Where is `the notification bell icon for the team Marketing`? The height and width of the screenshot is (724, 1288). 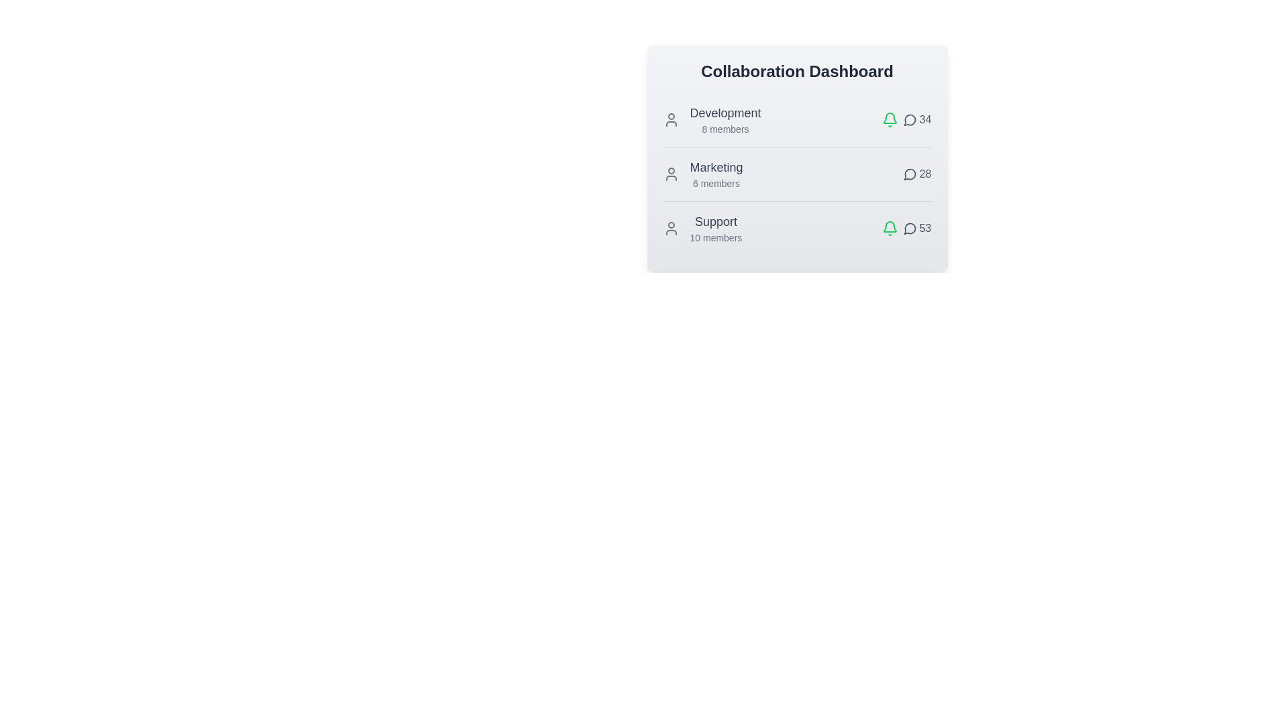 the notification bell icon for the team Marketing is located at coordinates (890, 173).